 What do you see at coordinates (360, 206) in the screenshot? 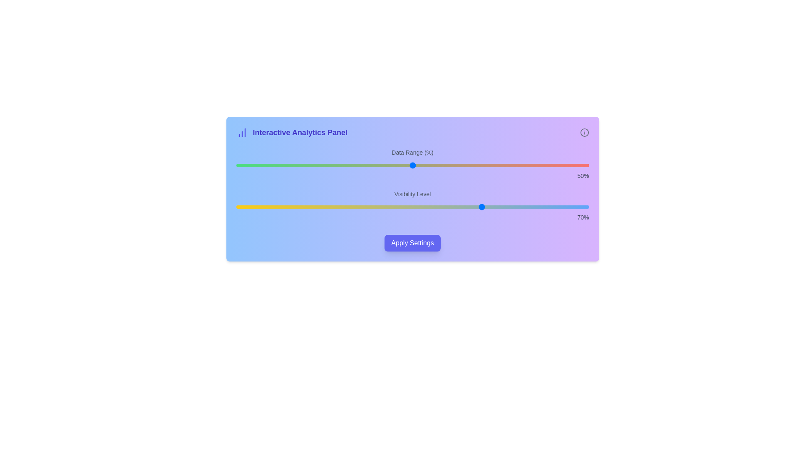
I see `the 'Visibility Level' slider to set its value to 35%` at bounding box center [360, 206].